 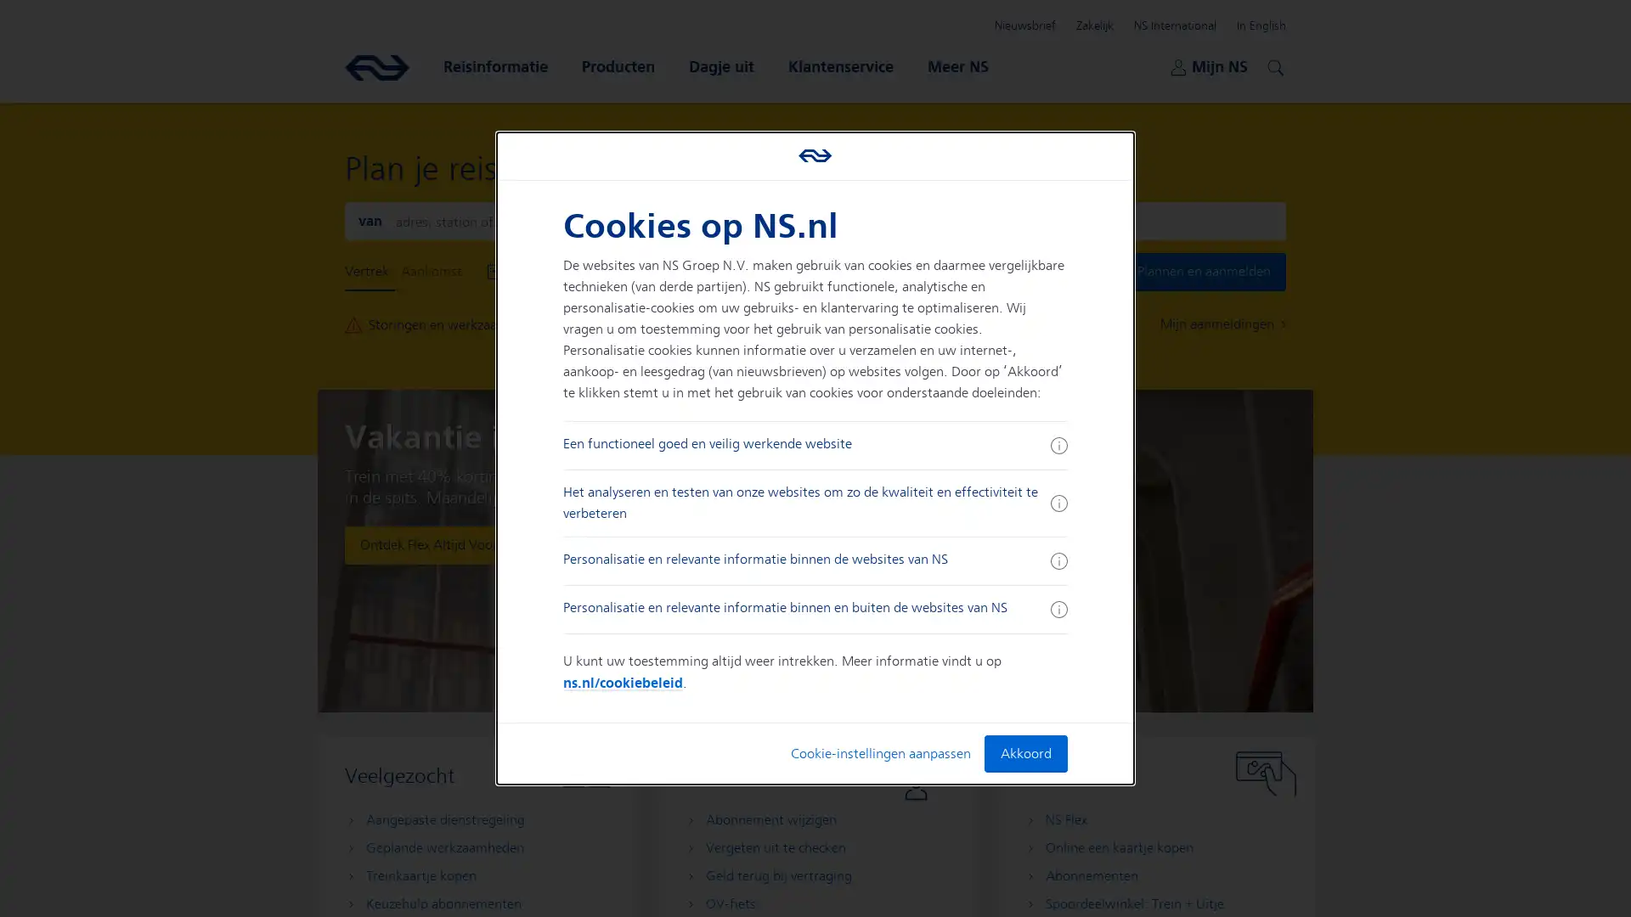 I want to click on Meer informatie ingeklapt, so click(x=1058, y=503).